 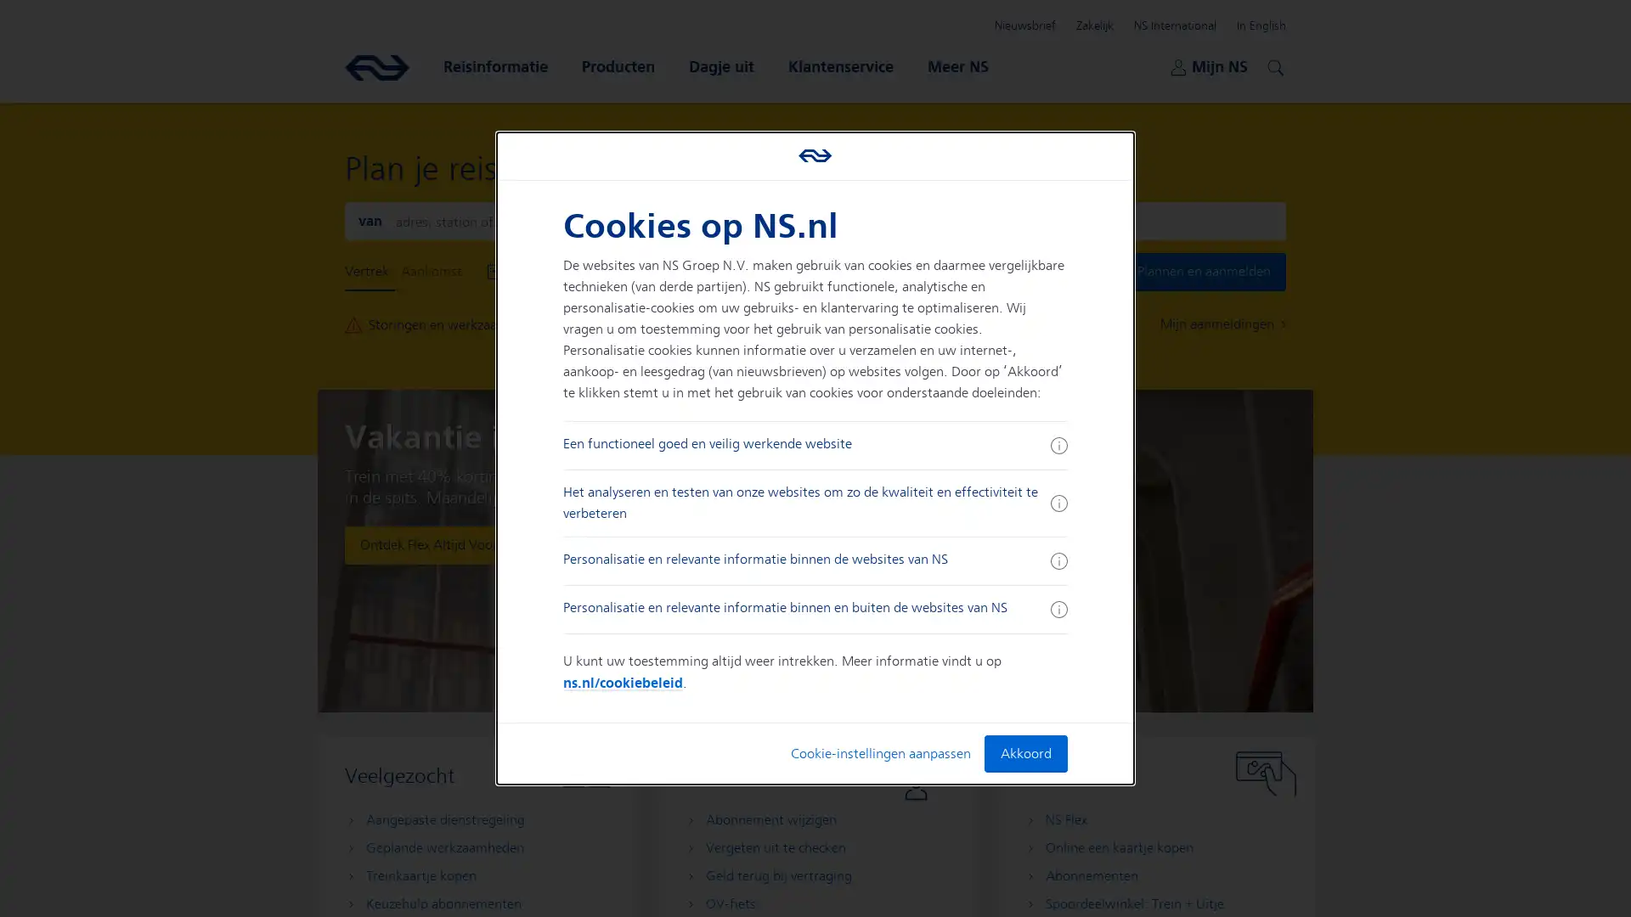 I want to click on Meer informatie ingeklapt, so click(x=1058, y=503).